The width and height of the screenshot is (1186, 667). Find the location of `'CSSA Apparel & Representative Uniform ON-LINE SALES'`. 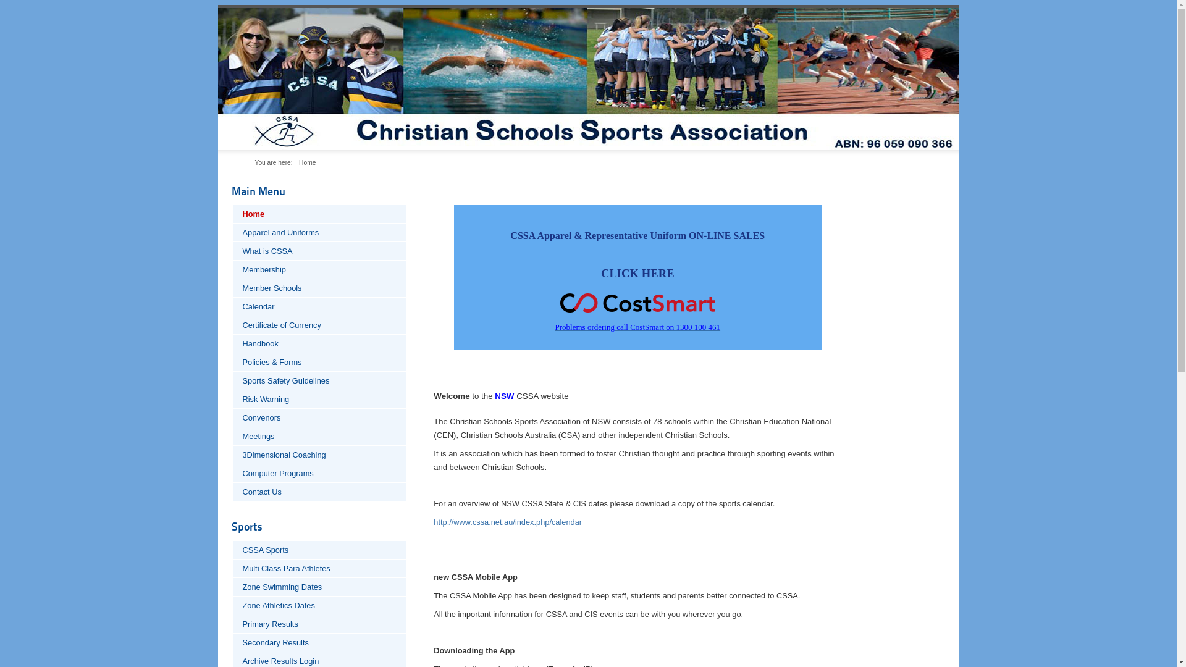

'CSSA Apparel & Representative Uniform ON-LINE SALES' is located at coordinates (637, 235).